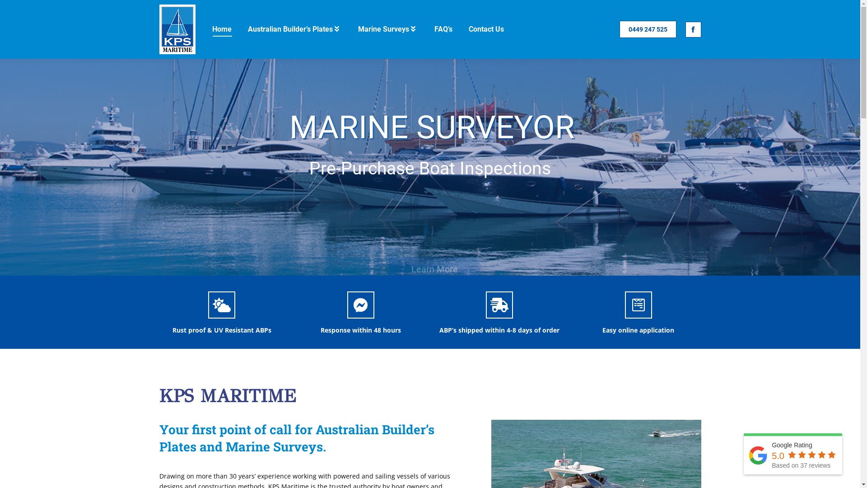  Describe the element at coordinates (693, 29) in the screenshot. I see `'Facebook page opens in new window'` at that location.